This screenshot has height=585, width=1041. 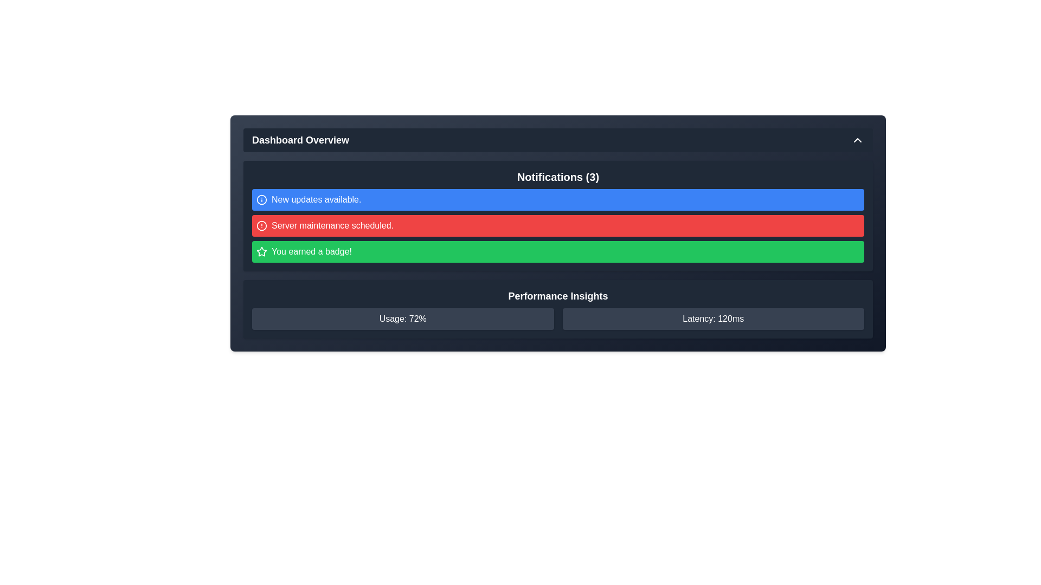 I want to click on the Text label that serves as the section header for notifications, which displays the title and count of unread notifications, so click(x=558, y=177).